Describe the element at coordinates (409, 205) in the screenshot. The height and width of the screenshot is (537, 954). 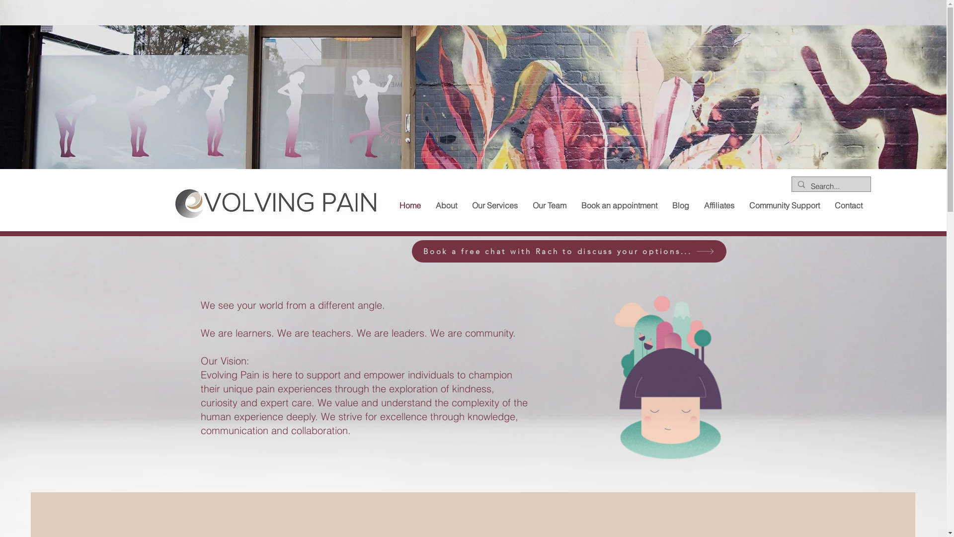
I see `'Home'` at that location.